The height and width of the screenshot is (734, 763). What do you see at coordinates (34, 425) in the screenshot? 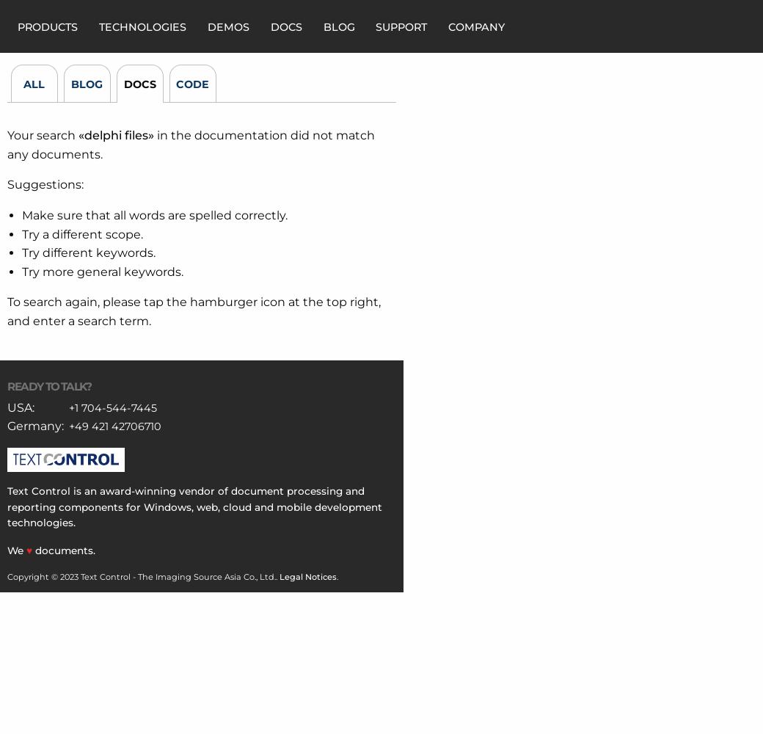
I see `'Germany:'` at bounding box center [34, 425].